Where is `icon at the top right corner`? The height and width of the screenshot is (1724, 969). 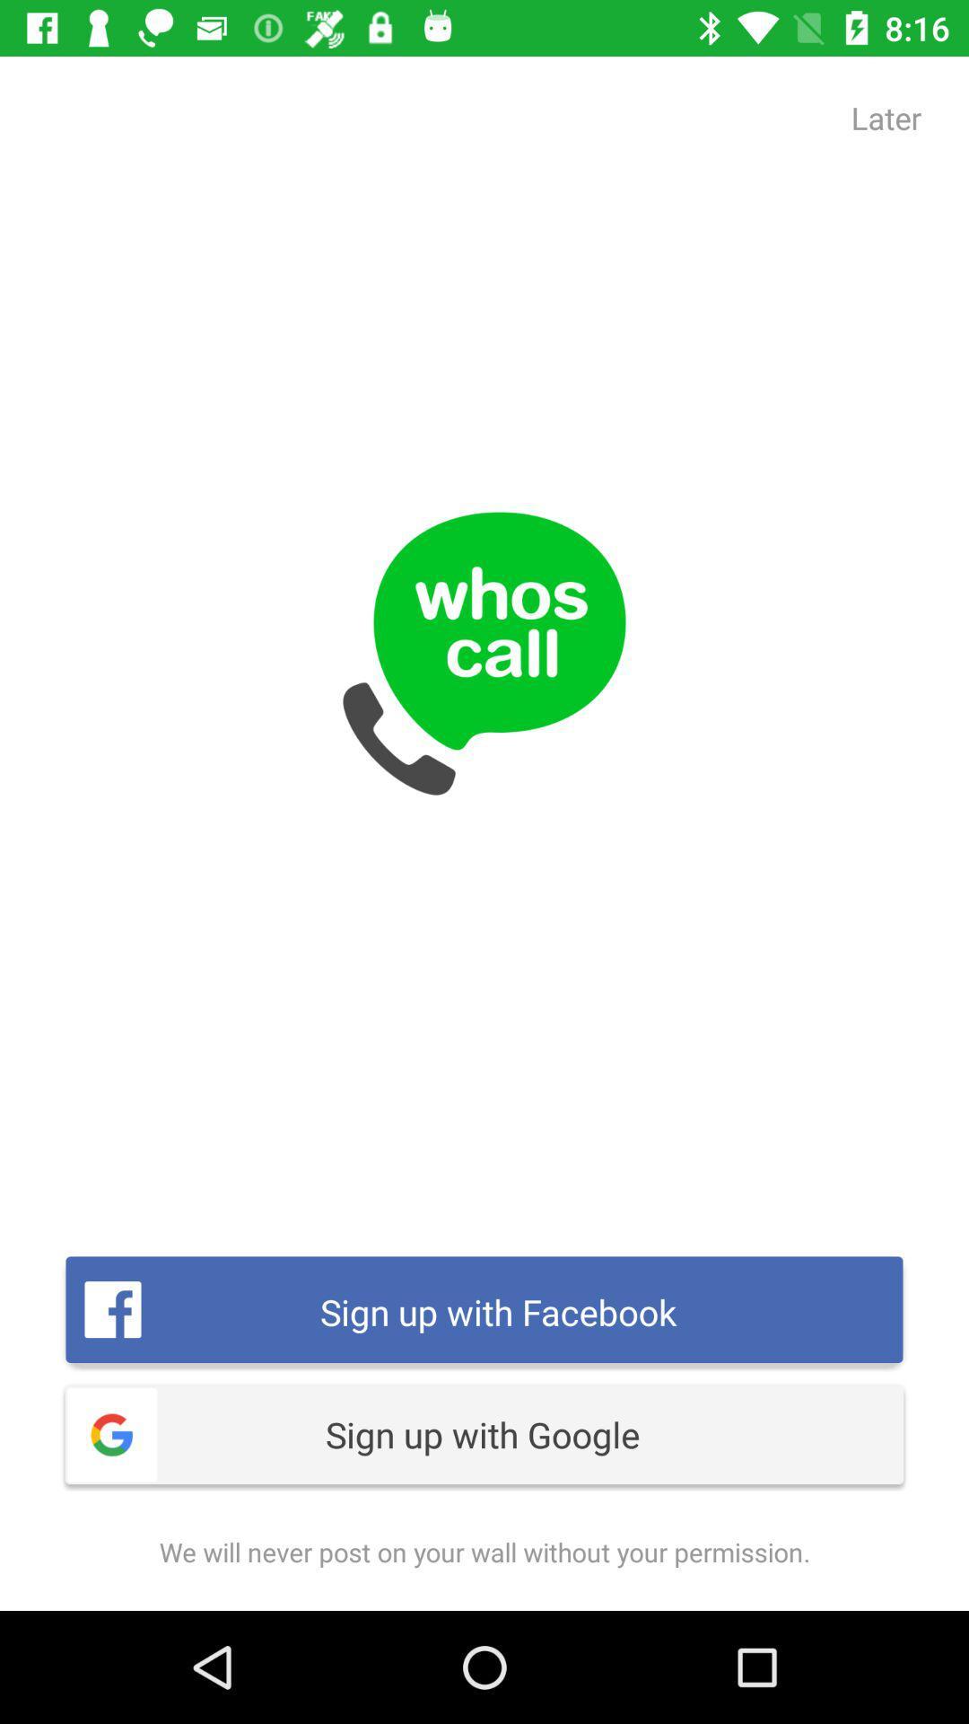
icon at the top right corner is located at coordinates (886, 117).